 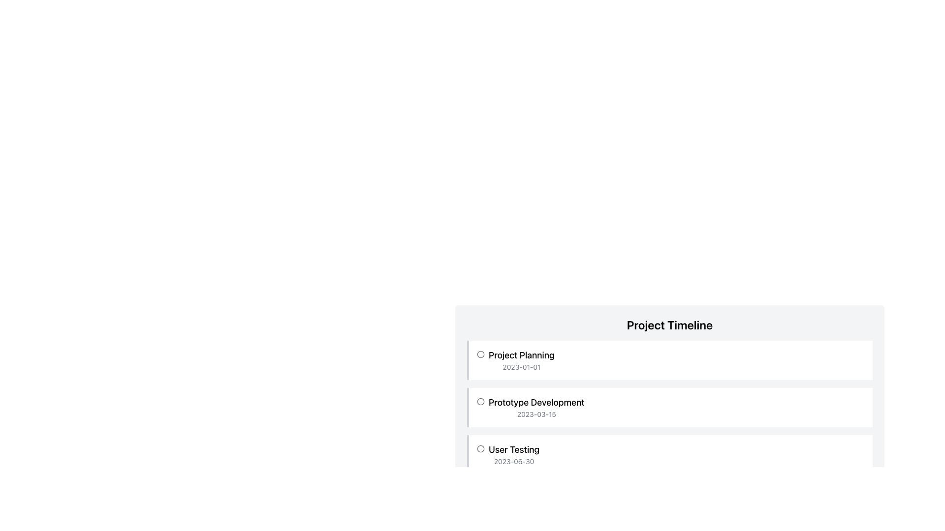 What do you see at coordinates (536, 402) in the screenshot?
I see `the text label that reads 'Prototype Development', which is located under the 'Project Timeline' heading, between 'Project Planning' and 'User Testing'` at bounding box center [536, 402].